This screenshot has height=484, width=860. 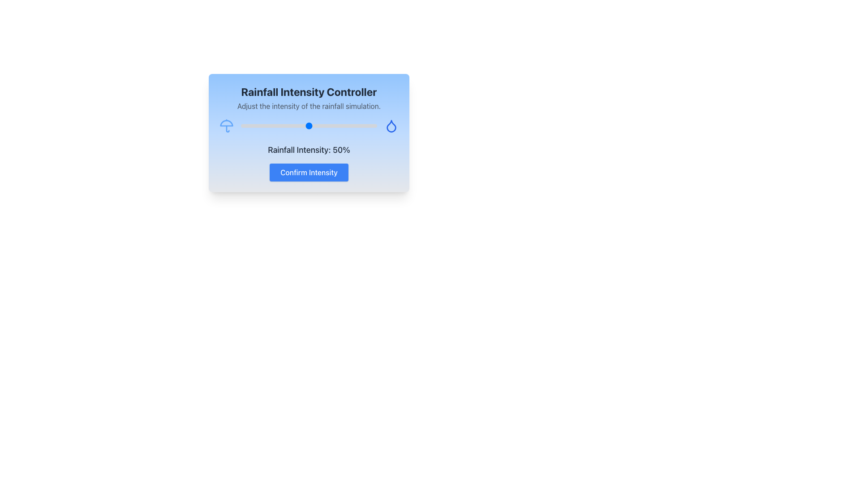 I want to click on the confirm button for rainfall intensity, located below the text 'Rainfall Intensity: 50%', to change its background color, so click(x=309, y=173).